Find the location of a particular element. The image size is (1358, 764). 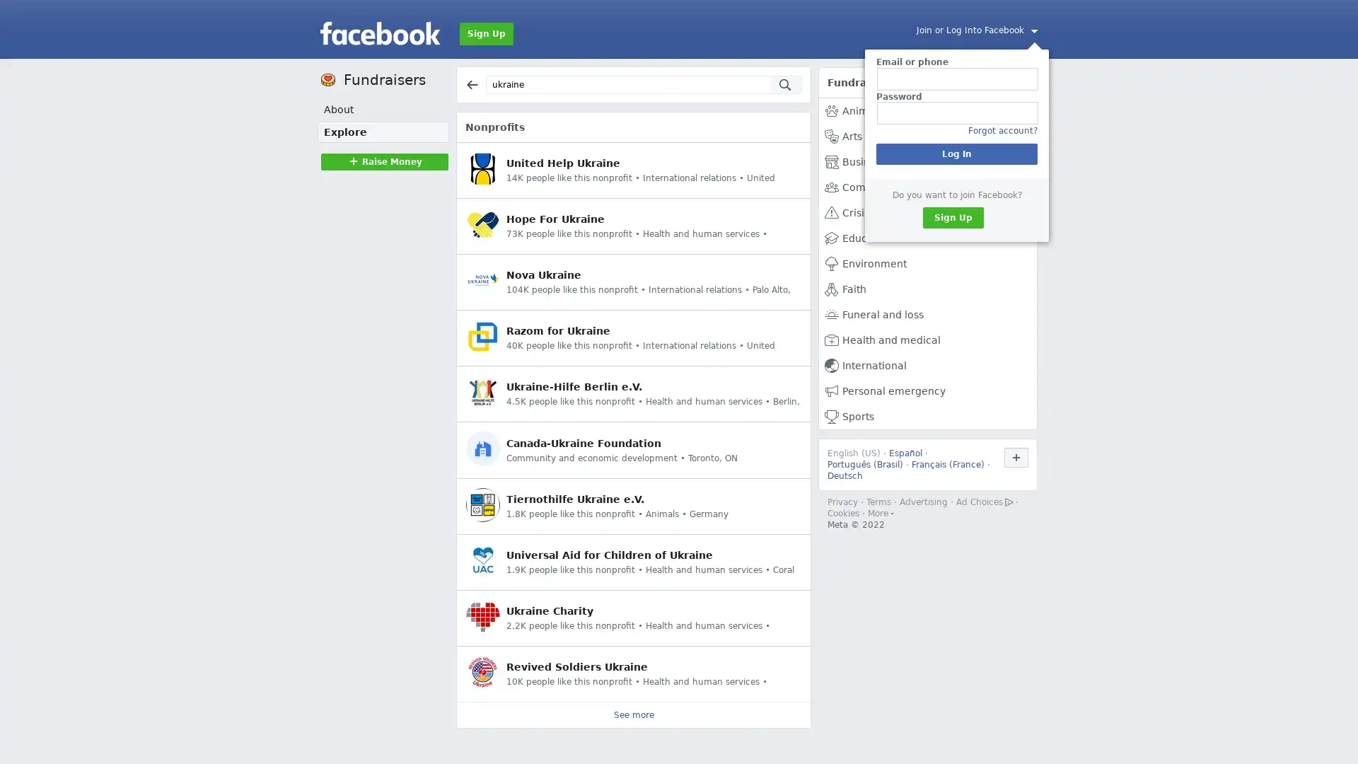

Francais (France) is located at coordinates (948, 464).